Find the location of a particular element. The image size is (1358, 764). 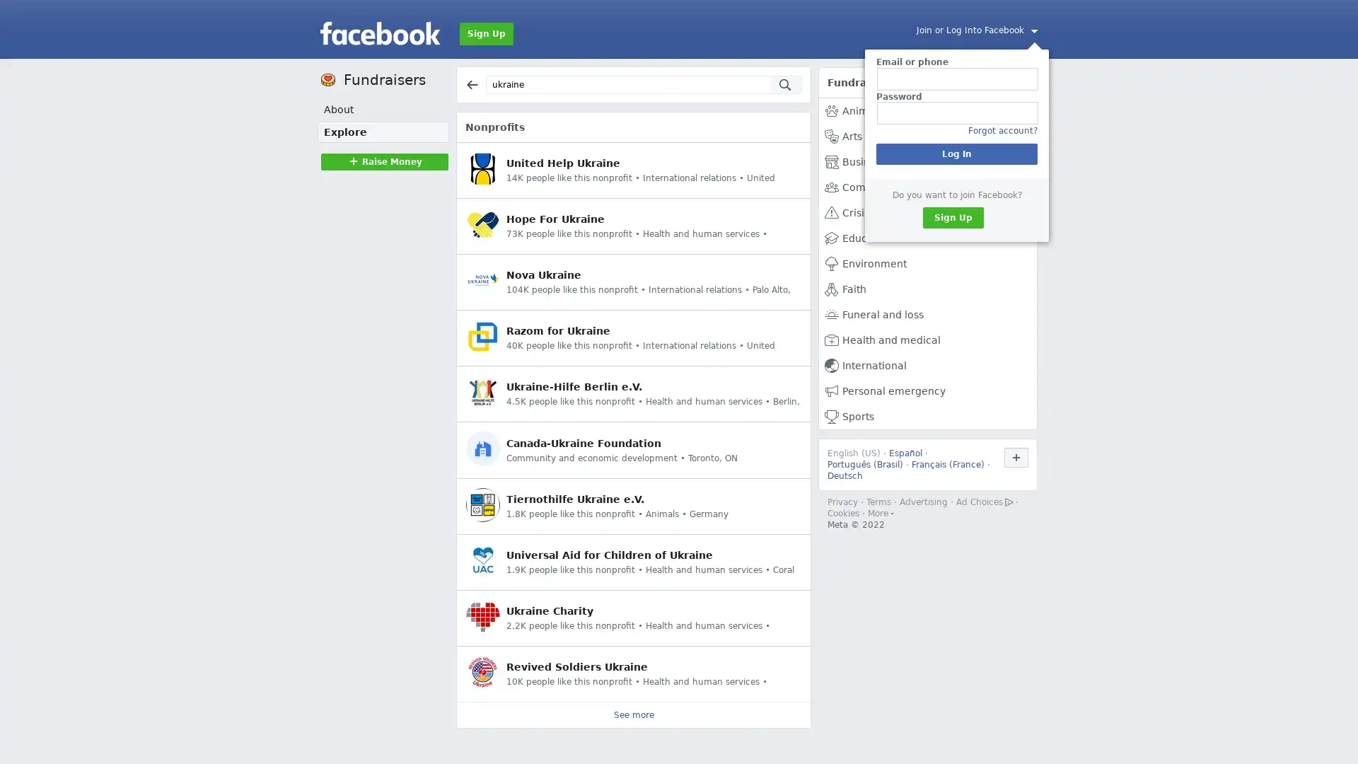

Francais (France) is located at coordinates (948, 464).